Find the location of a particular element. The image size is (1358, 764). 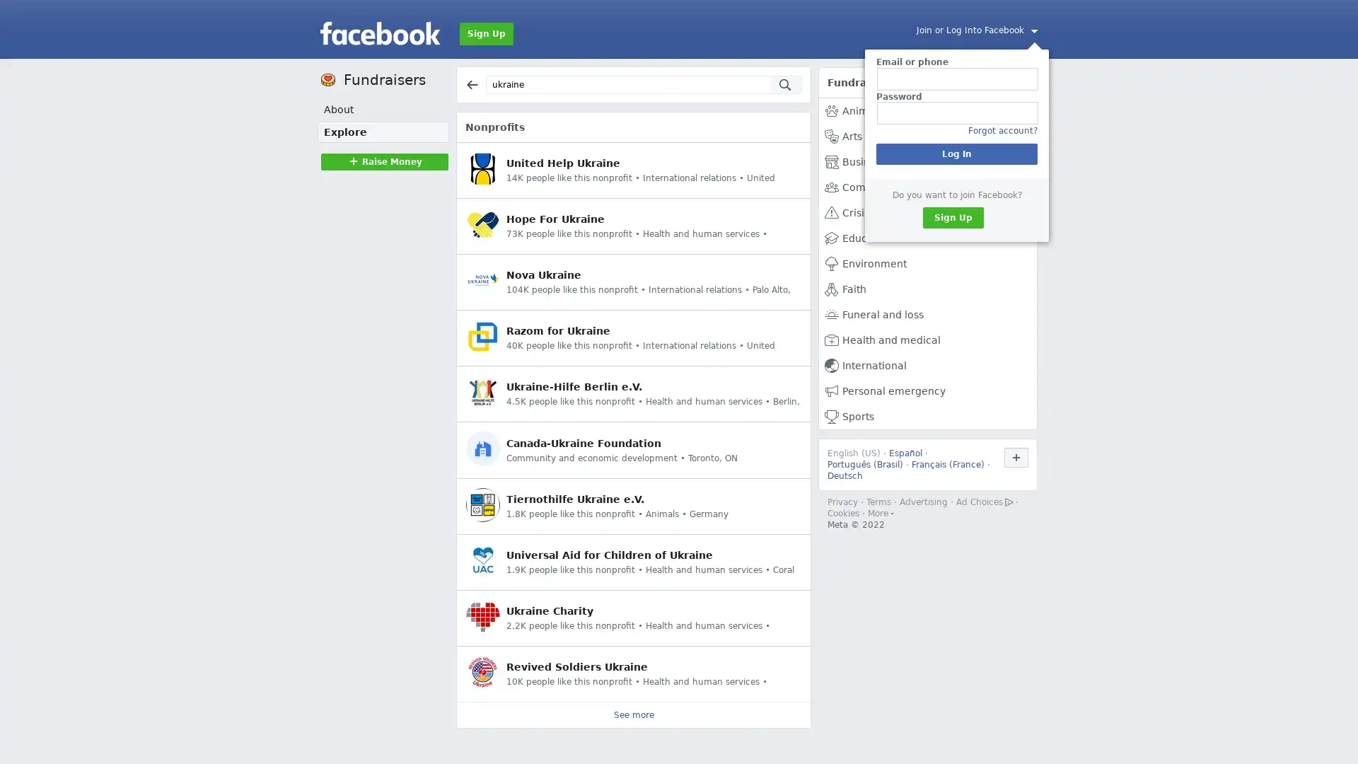

Francais (France) is located at coordinates (948, 464).